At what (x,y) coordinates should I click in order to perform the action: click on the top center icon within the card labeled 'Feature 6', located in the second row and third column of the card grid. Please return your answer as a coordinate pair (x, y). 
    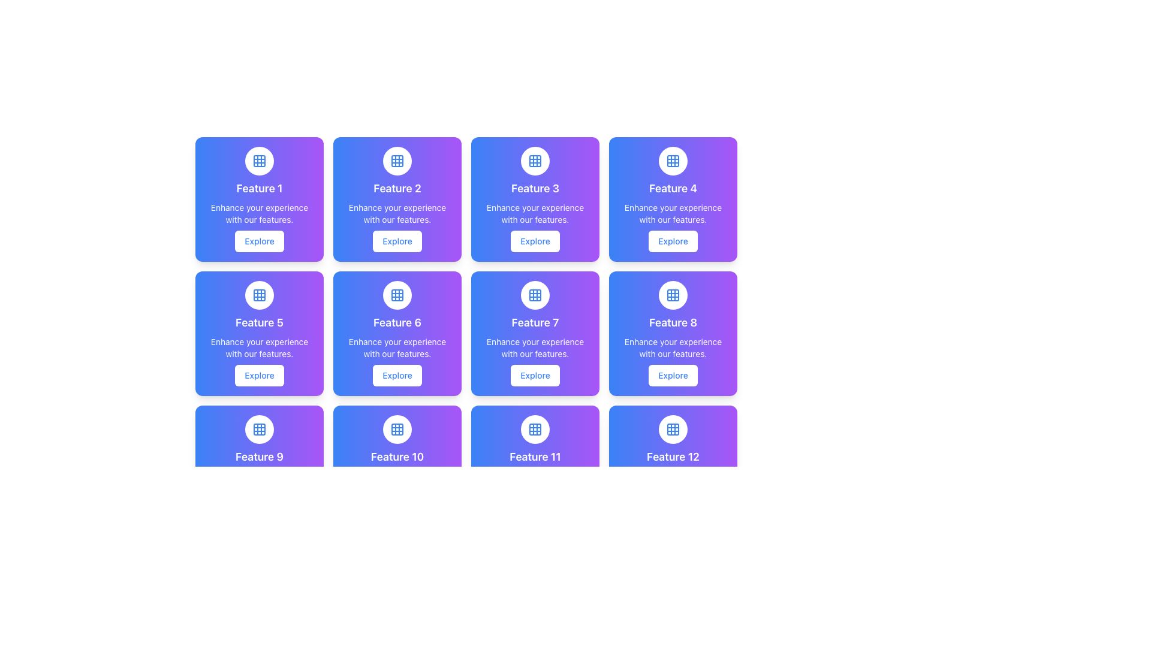
    Looking at the image, I should click on (397, 295).